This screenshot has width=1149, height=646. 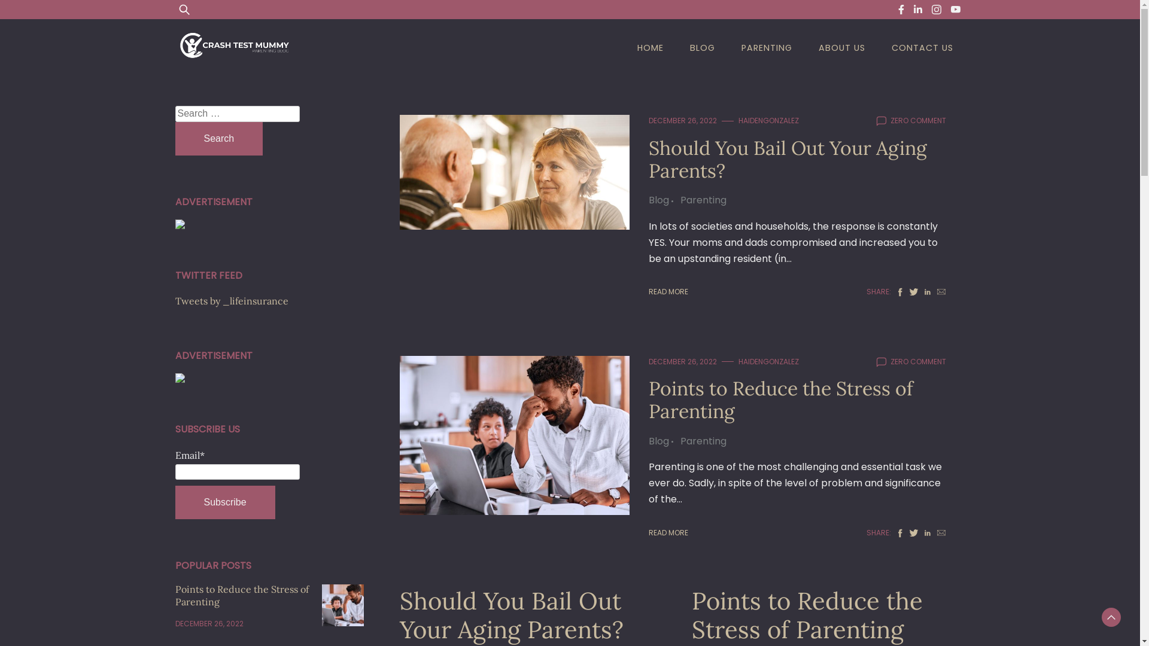 I want to click on 'Blog', so click(x=661, y=441).